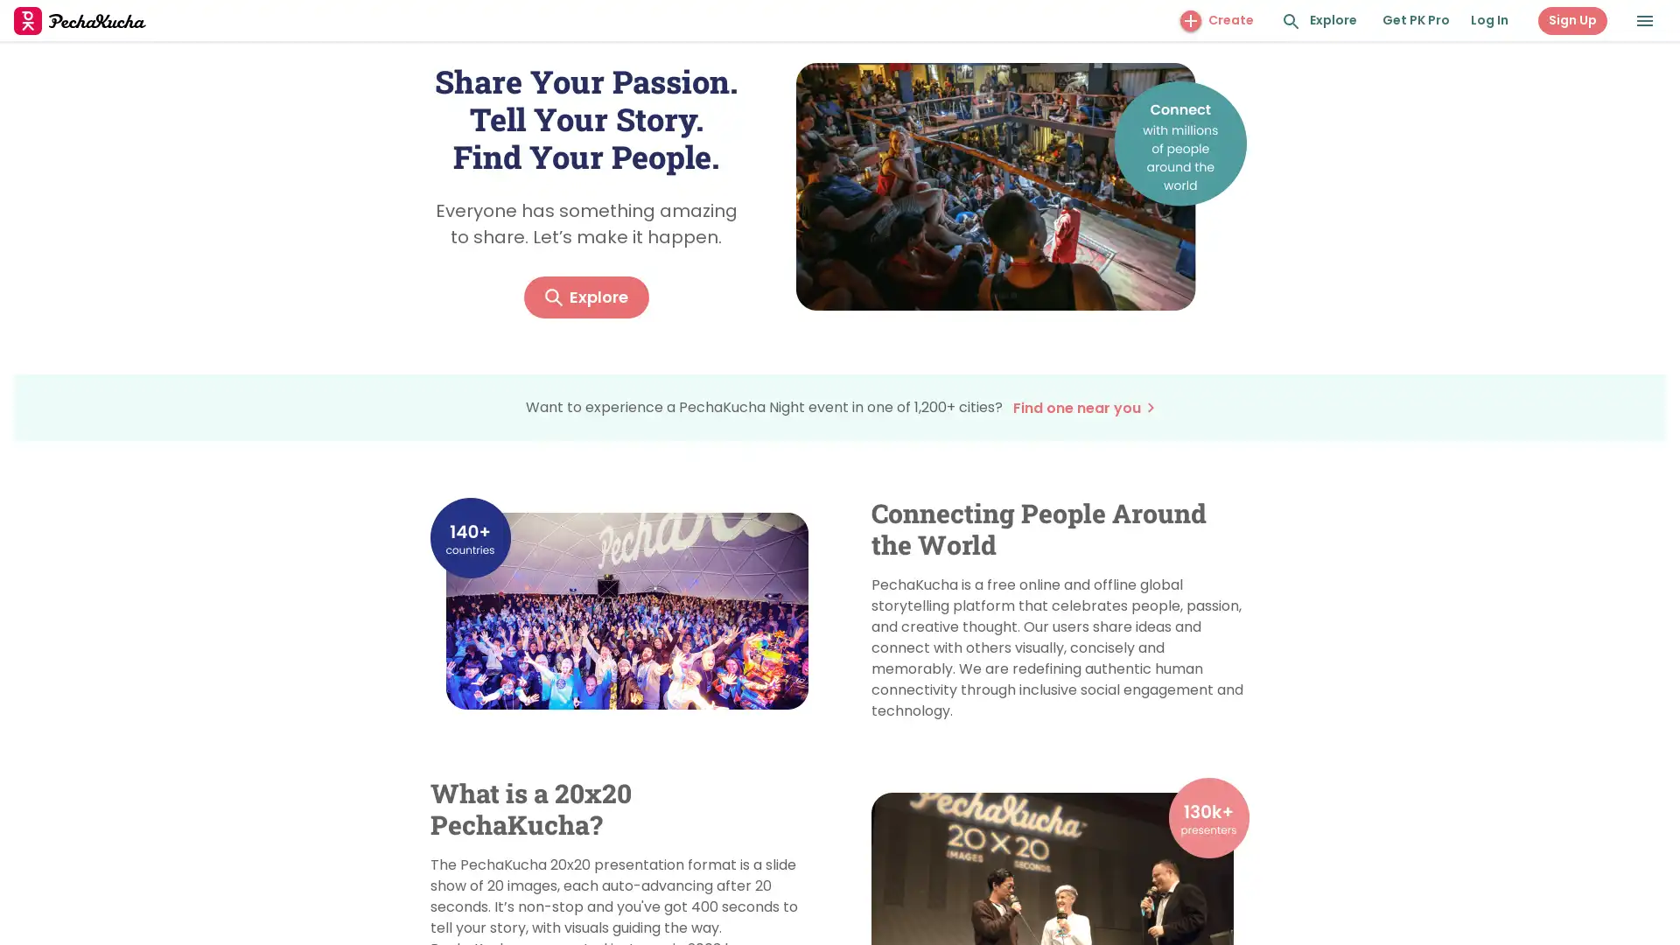  I want to click on Sign Up, so click(1572, 20).